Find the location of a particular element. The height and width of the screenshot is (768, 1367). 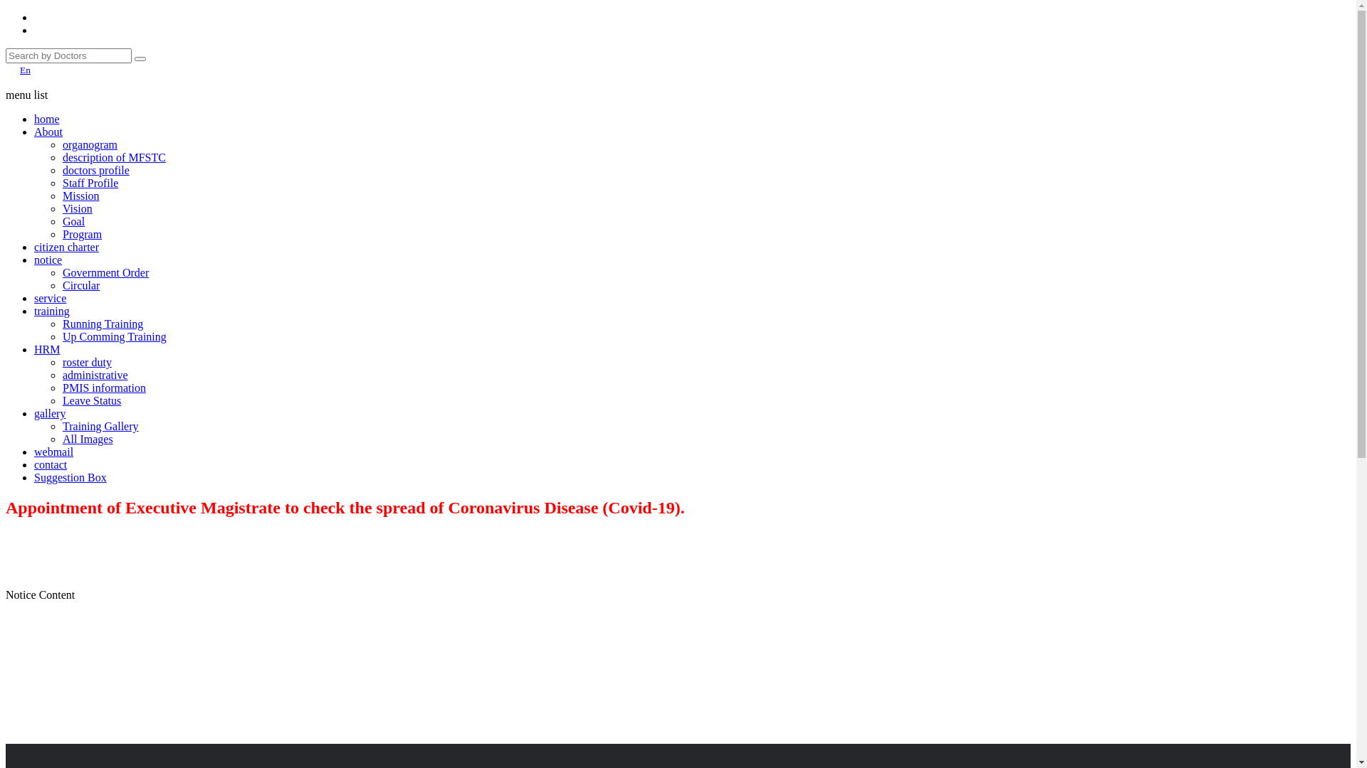

'Staff Profile' is located at coordinates (89, 182).